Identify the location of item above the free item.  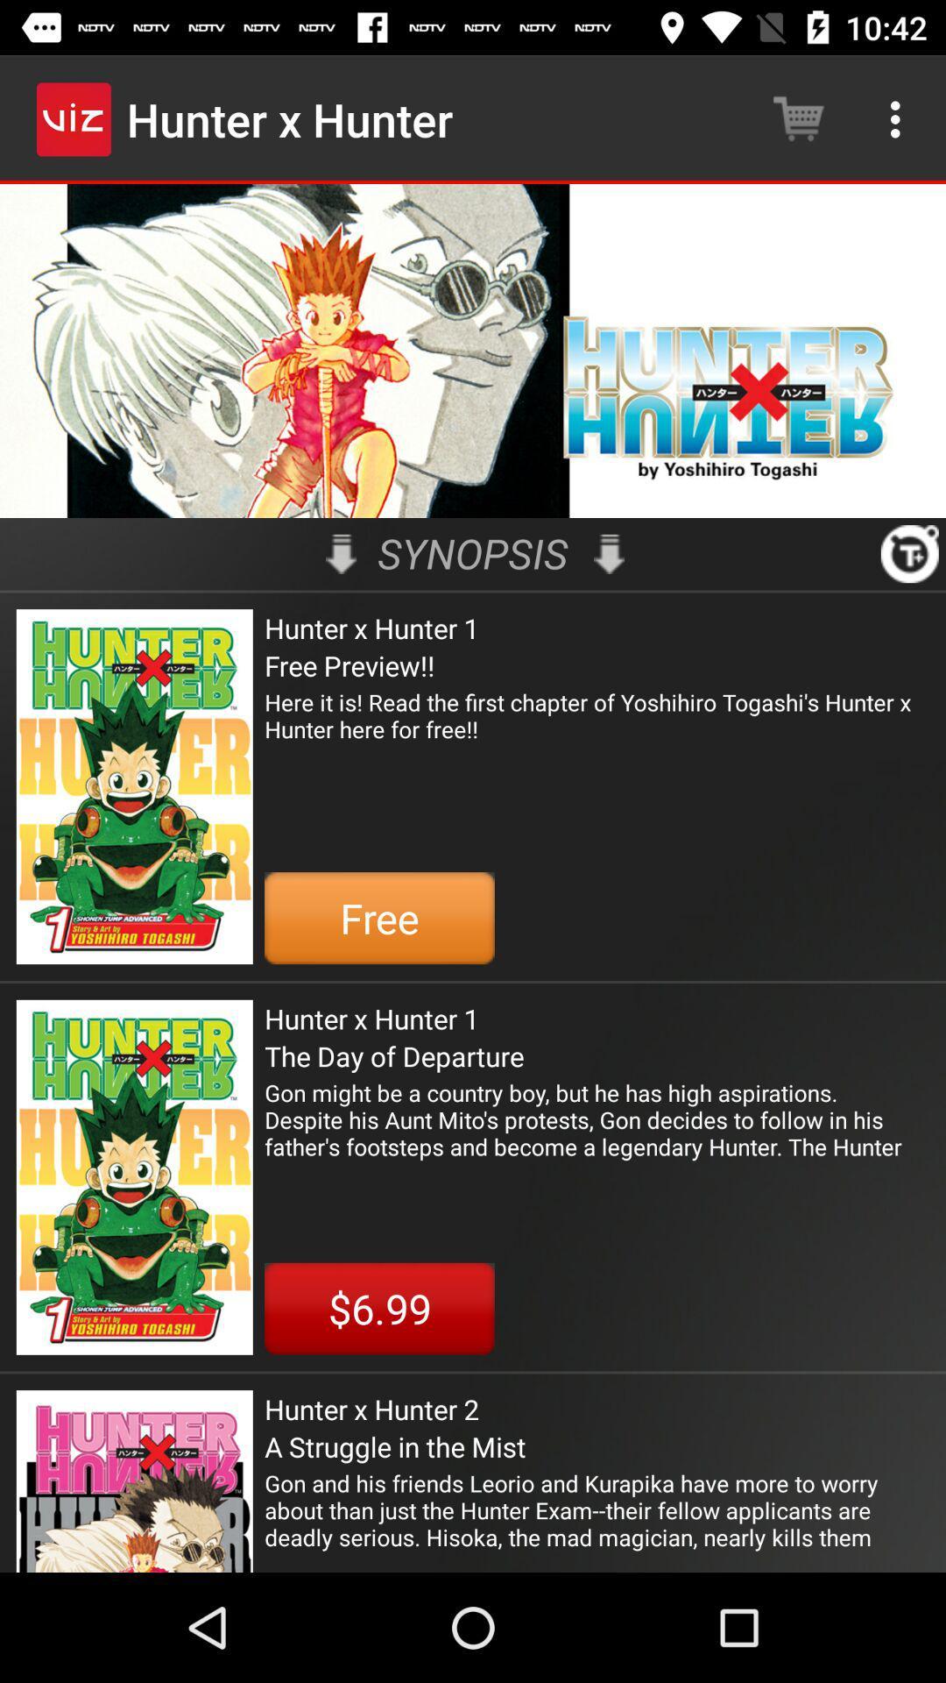
(596, 729).